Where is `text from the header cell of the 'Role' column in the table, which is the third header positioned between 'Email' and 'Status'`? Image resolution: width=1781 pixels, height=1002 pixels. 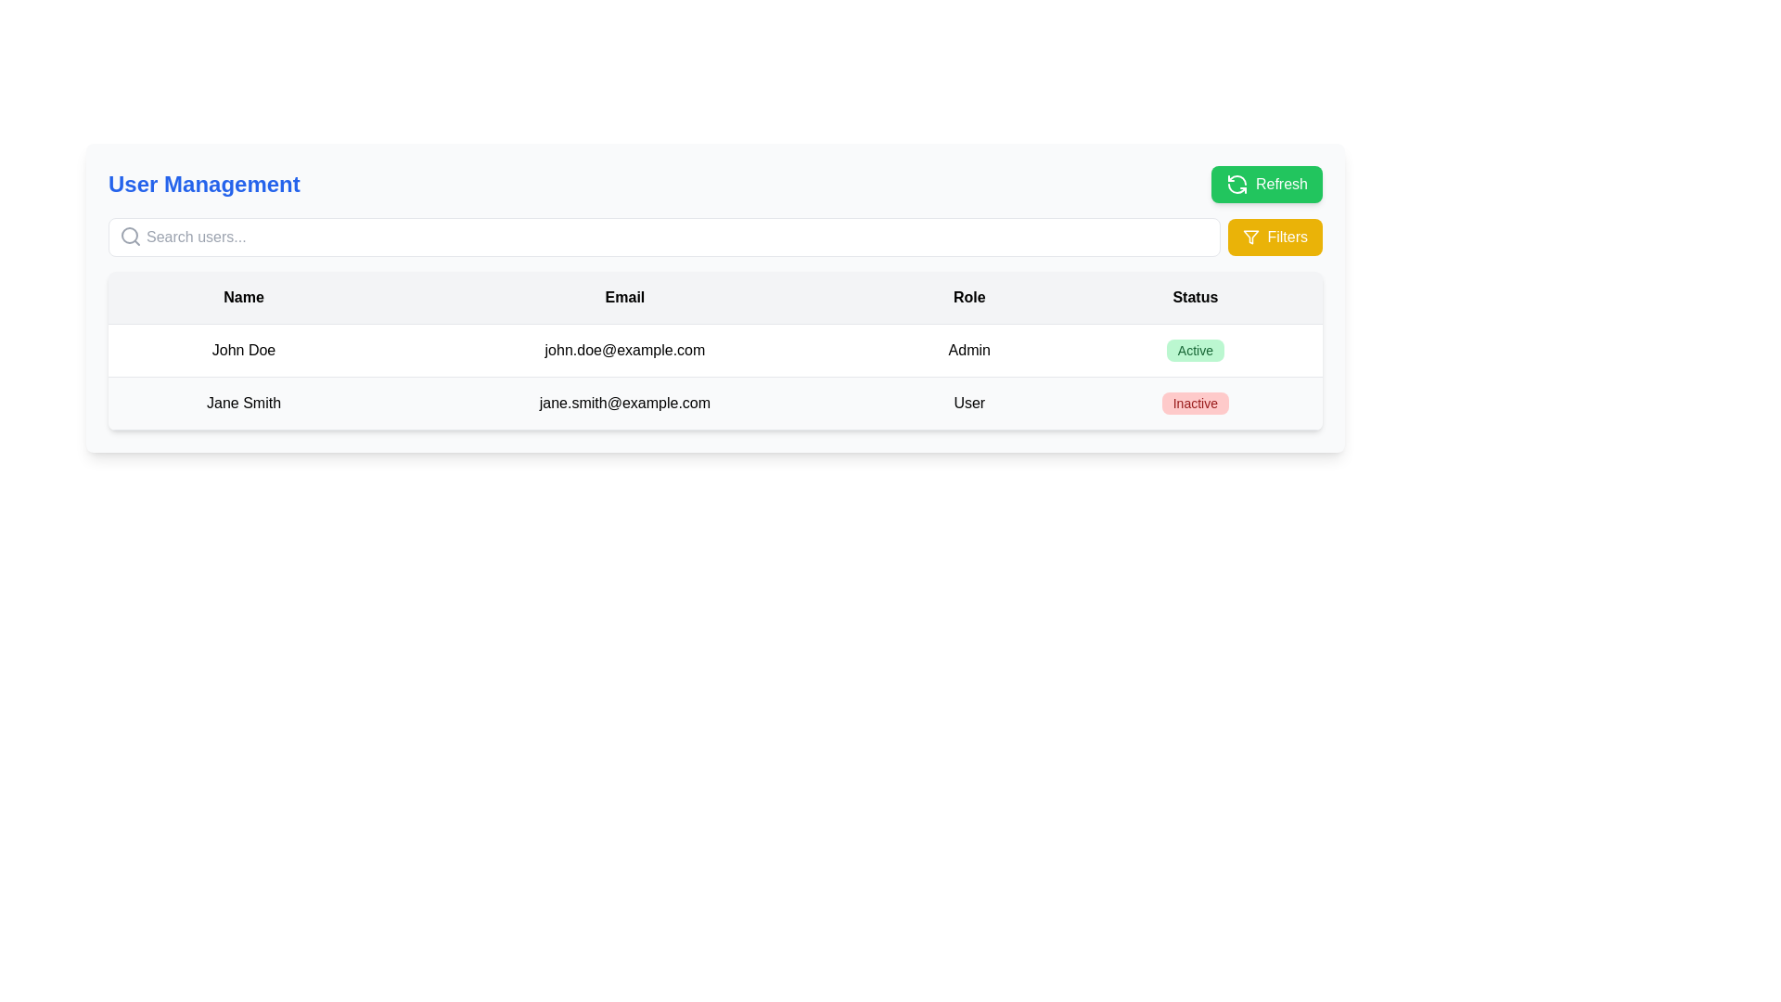 text from the header cell of the 'Role' column in the table, which is the third header positioned between 'Email' and 'Status' is located at coordinates (968, 297).